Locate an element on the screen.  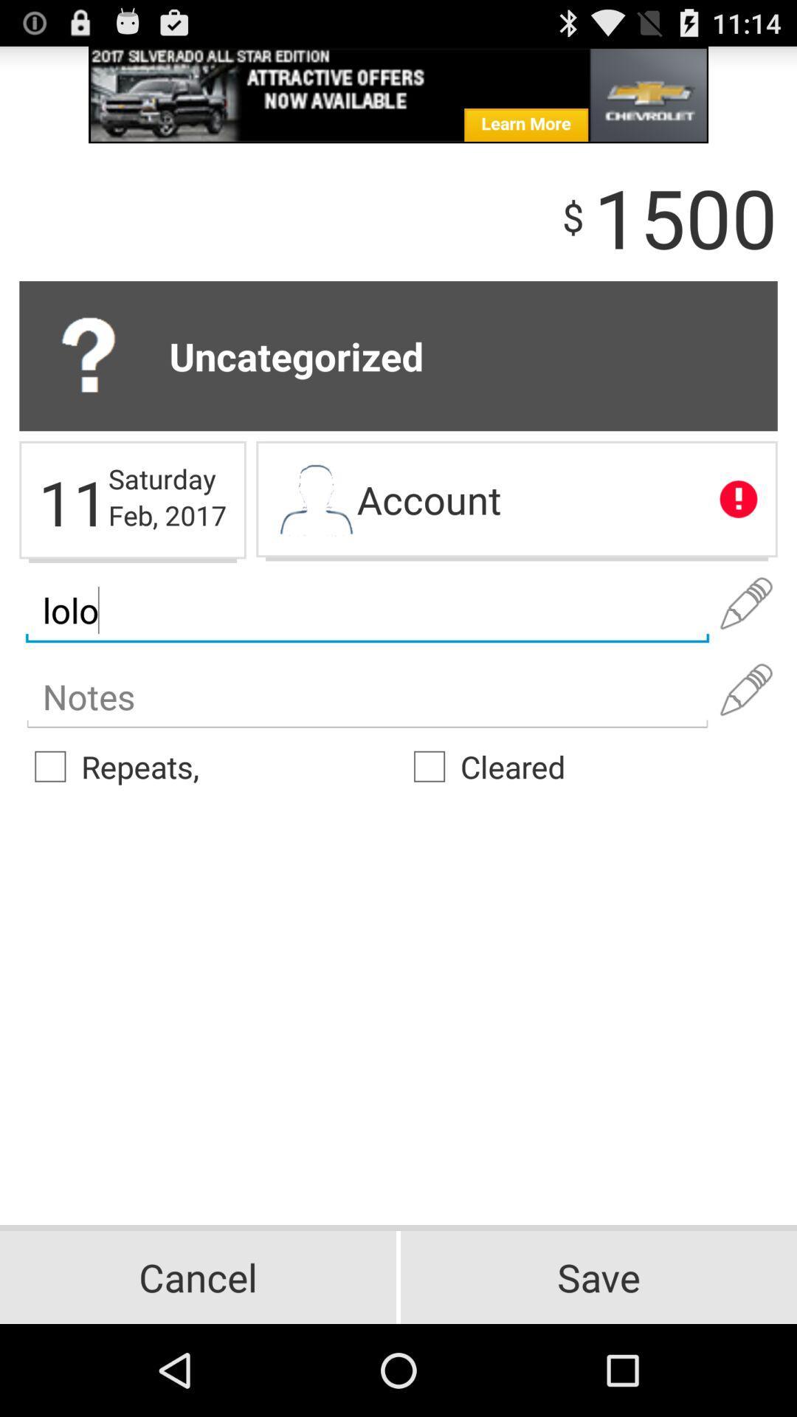
edit is located at coordinates (746, 689).